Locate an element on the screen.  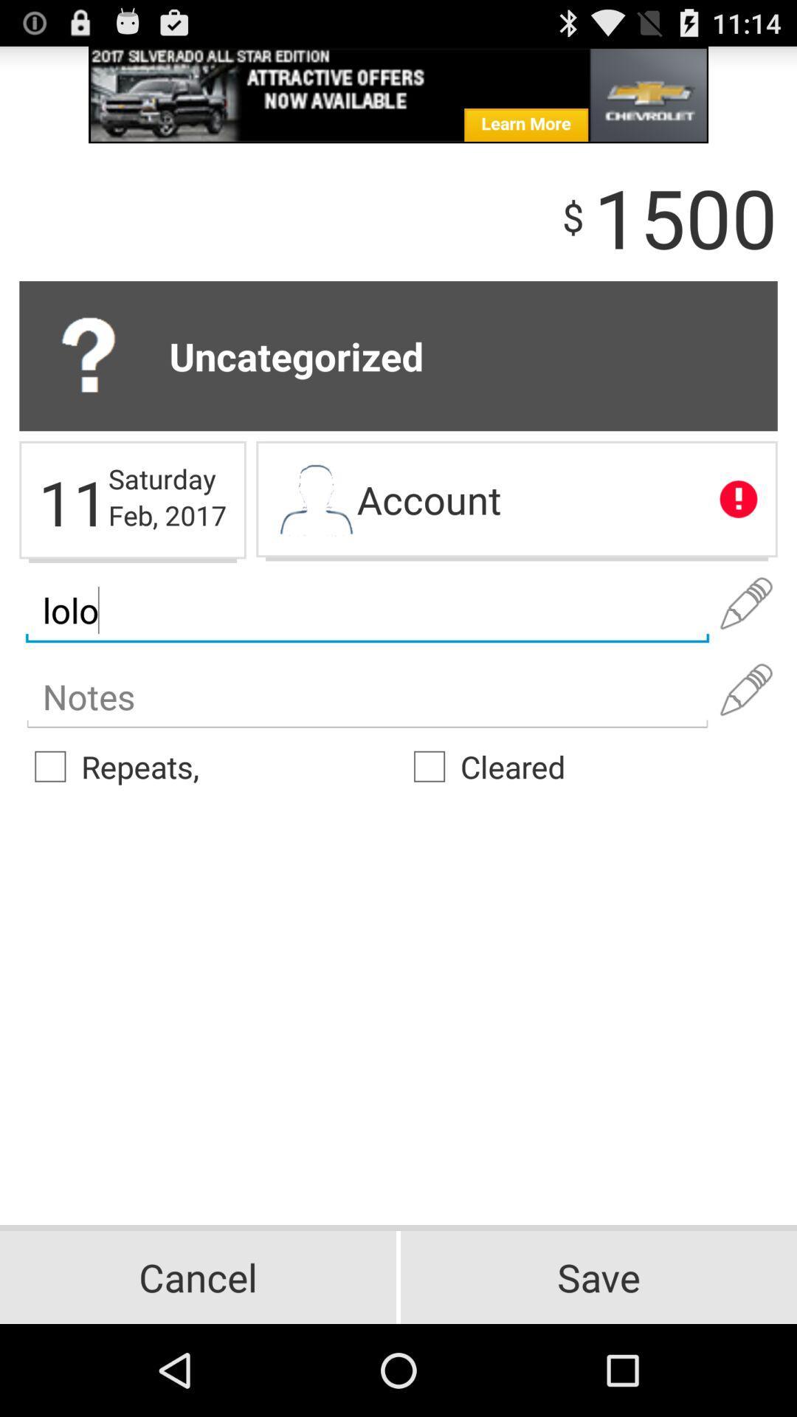
edit is located at coordinates (746, 689).